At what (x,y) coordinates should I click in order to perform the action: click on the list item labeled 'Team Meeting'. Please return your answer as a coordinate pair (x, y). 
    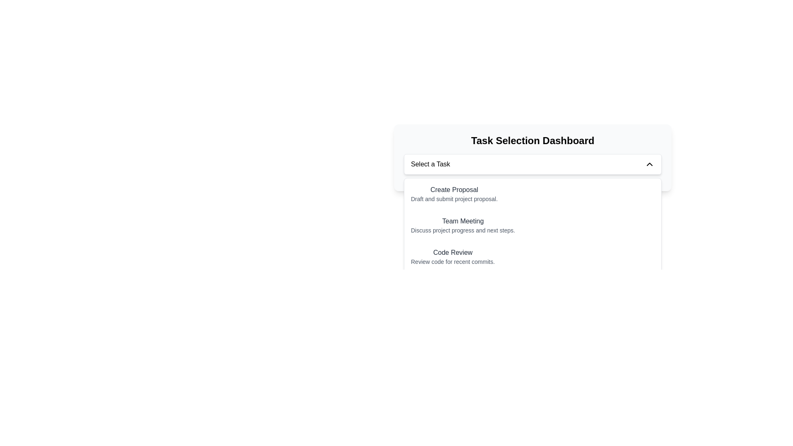
    Looking at the image, I should click on (463, 225).